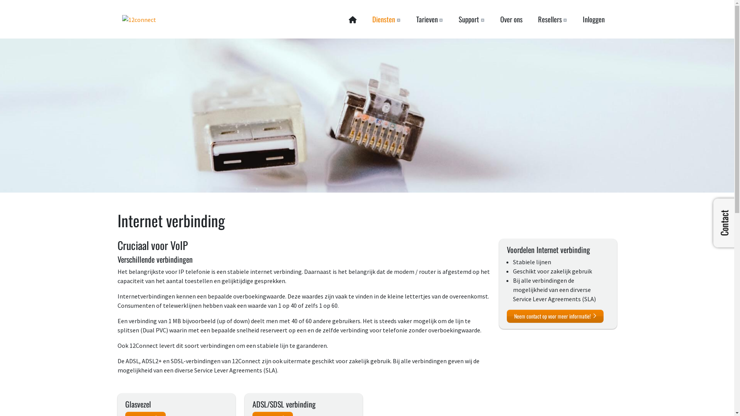  I want to click on 'Over ons', so click(511, 19).